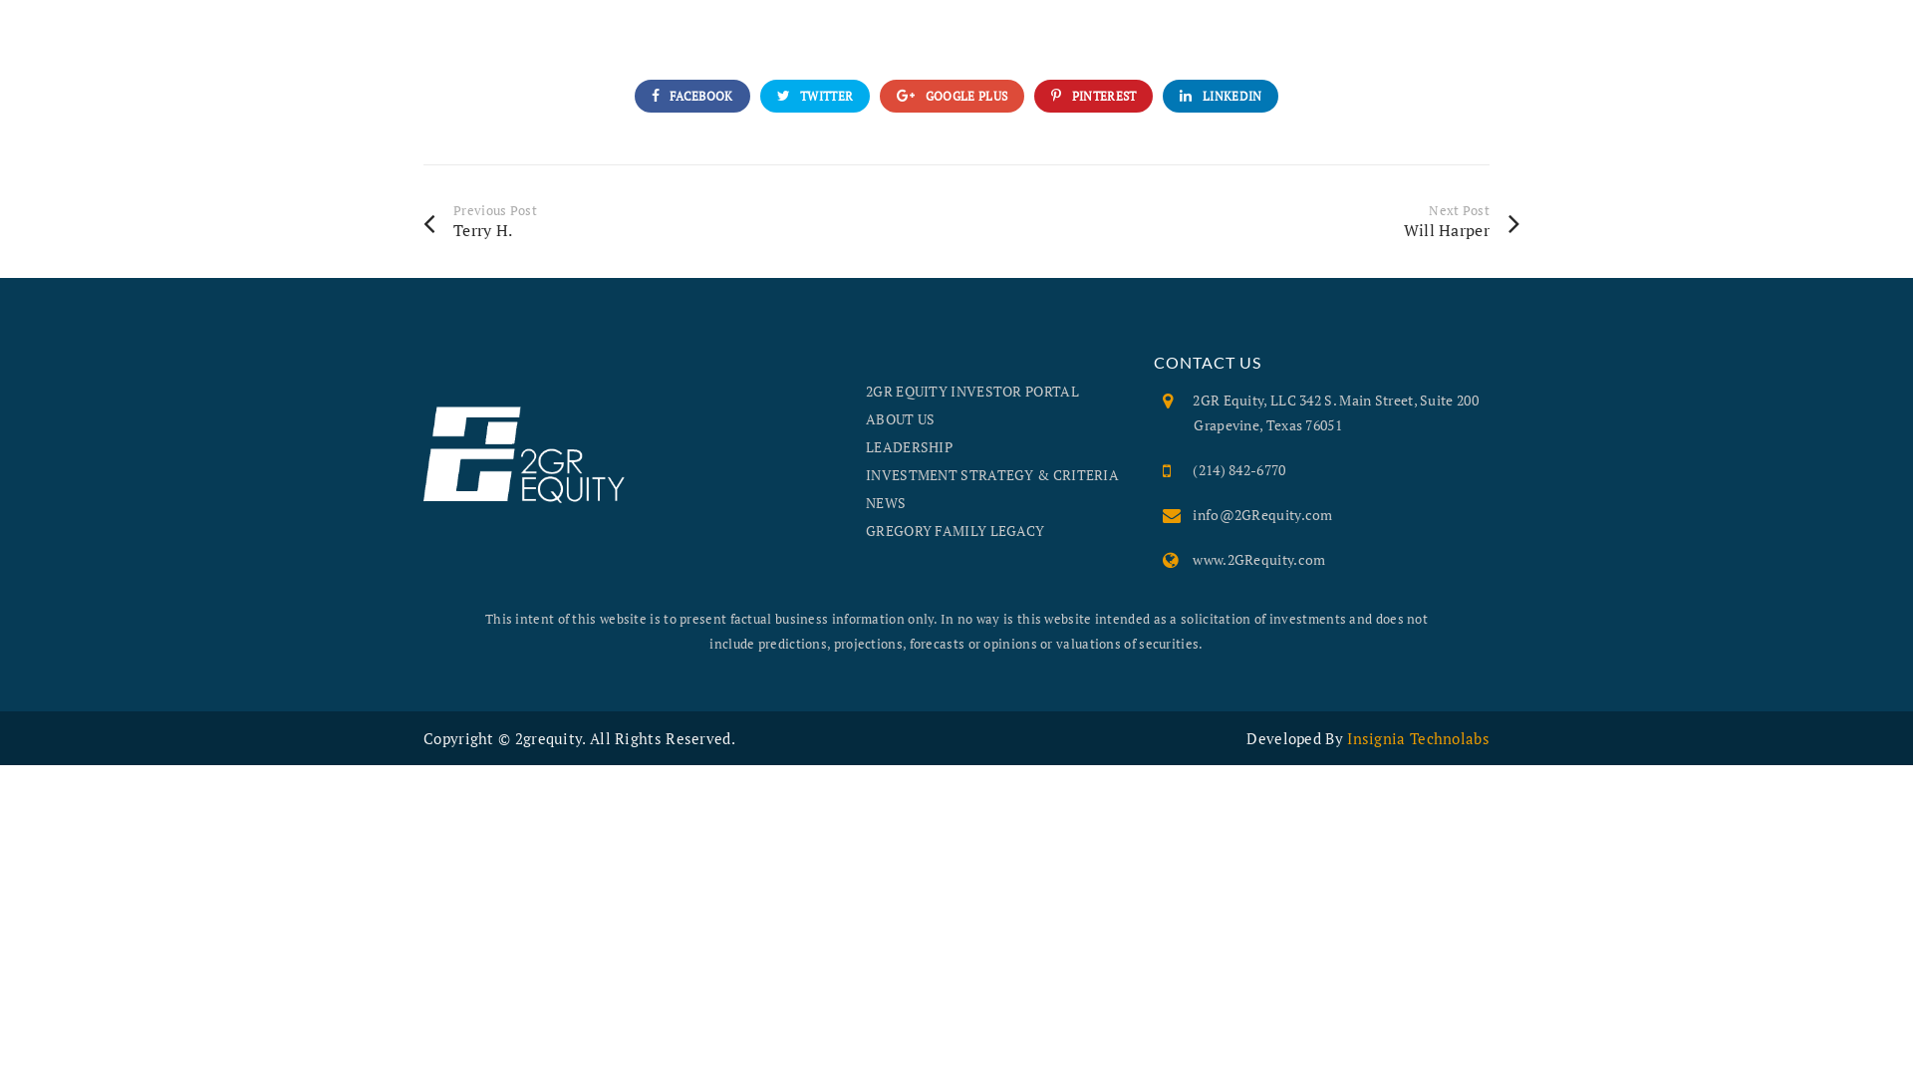 This screenshot has height=1076, width=1913. I want to click on 'GOOGLE PLUS', so click(951, 96).